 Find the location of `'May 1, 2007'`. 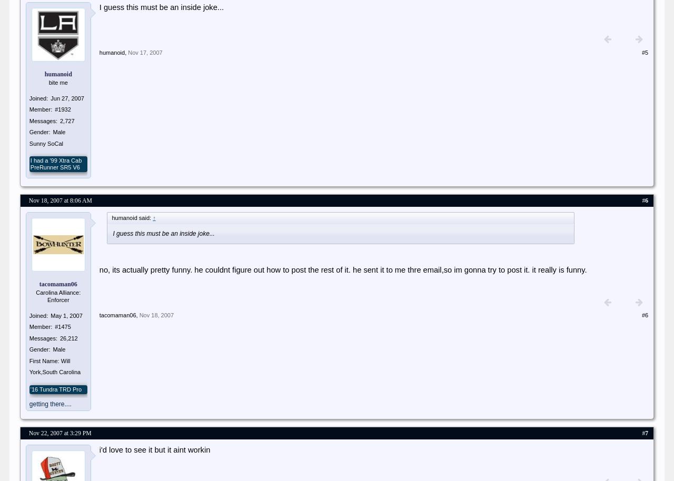

'May 1, 2007' is located at coordinates (65, 315).